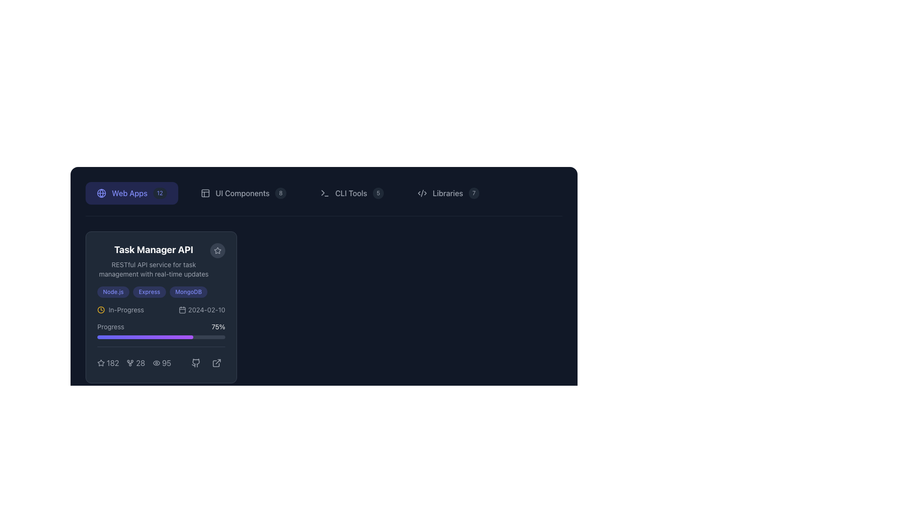 This screenshot has height=508, width=903. What do you see at coordinates (140, 362) in the screenshot?
I see `the static text display that shows the number '28', which is part of a card layout at the bottom, with an icon resembling a branching structure on the left and the number '95' on the right` at bounding box center [140, 362].